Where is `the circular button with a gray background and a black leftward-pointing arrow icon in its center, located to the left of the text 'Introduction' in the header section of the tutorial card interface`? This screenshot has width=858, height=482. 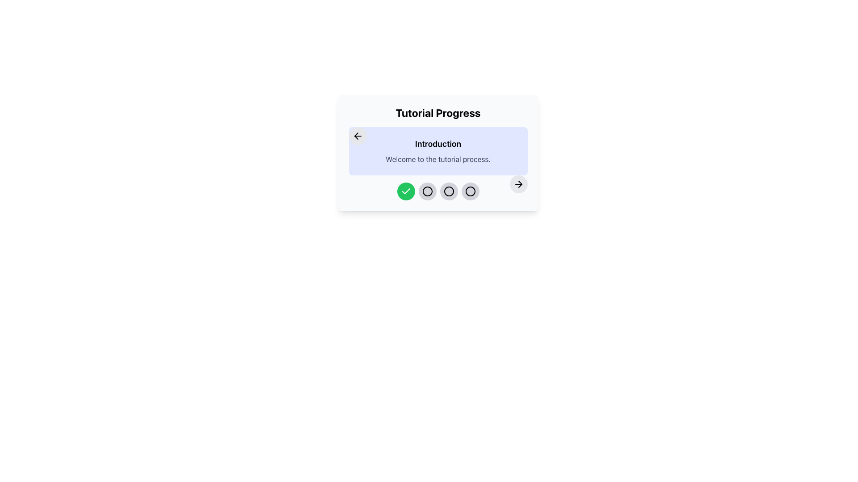 the circular button with a gray background and a black leftward-pointing arrow icon in its center, located to the left of the text 'Introduction' in the header section of the tutorial card interface is located at coordinates (357, 136).